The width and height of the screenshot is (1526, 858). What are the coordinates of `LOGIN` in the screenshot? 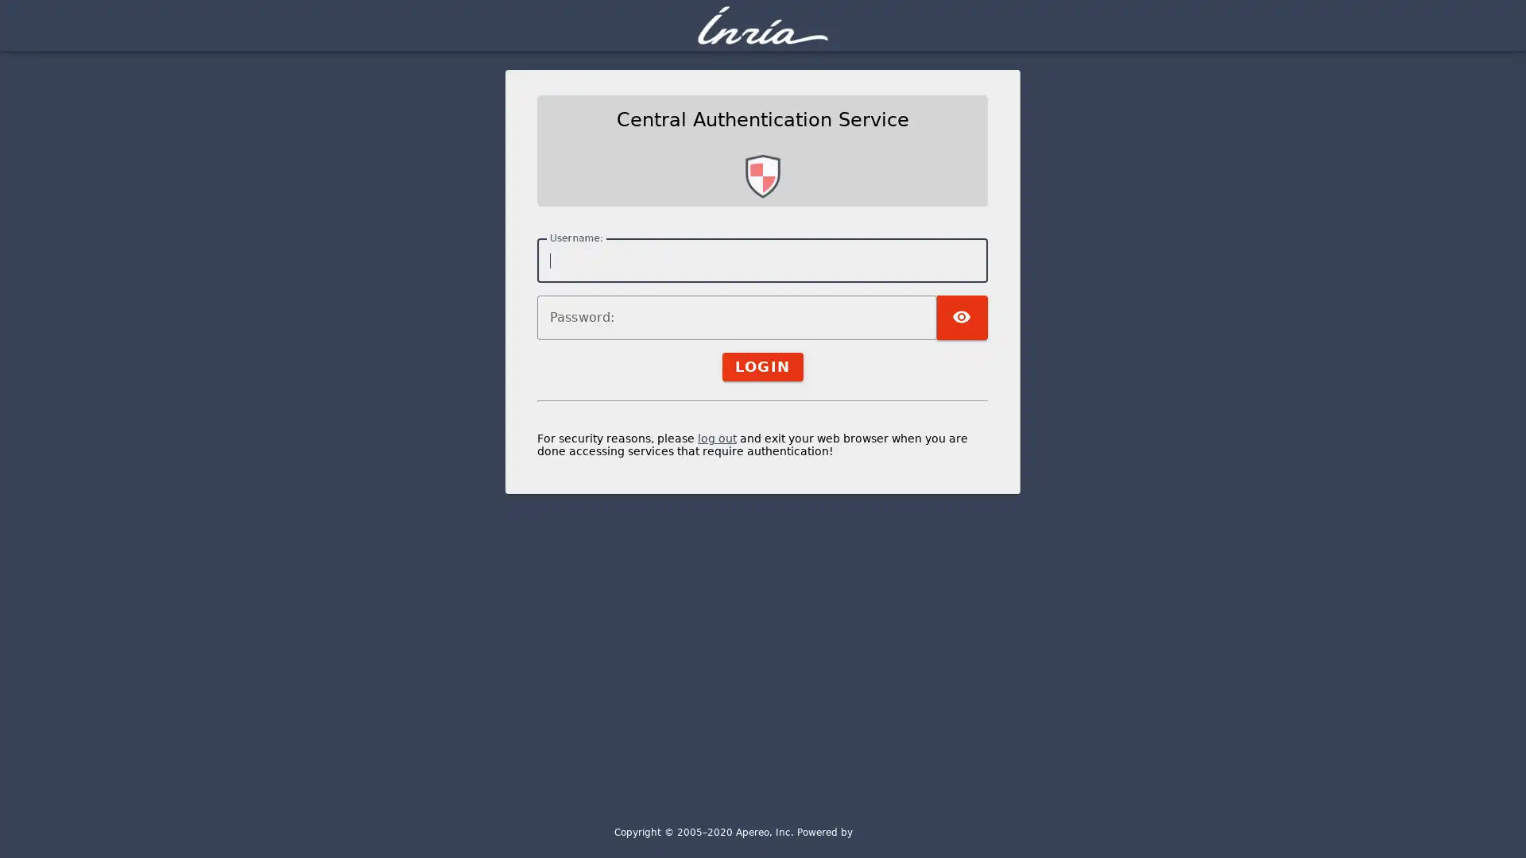 It's located at (761, 366).